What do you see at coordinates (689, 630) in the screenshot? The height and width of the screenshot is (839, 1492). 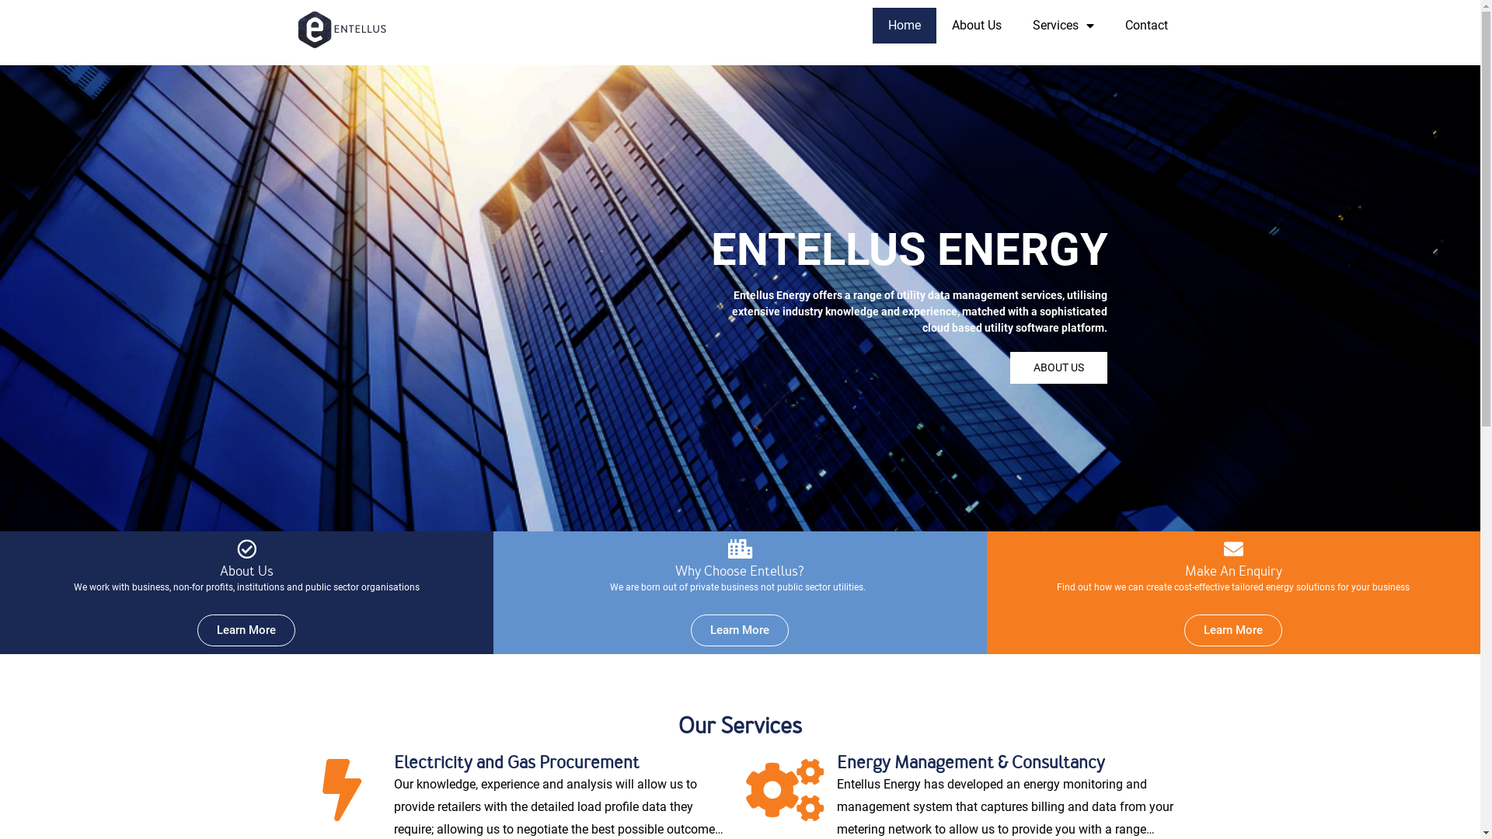 I see `'Learn More'` at bounding box center [689, 630].